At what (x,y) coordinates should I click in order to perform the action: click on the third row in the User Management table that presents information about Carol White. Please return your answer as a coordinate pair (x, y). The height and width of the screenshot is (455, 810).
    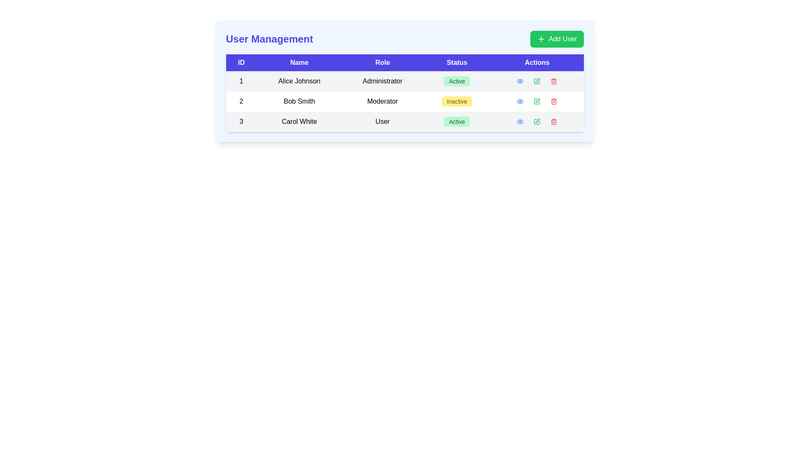
    Looking at the image, I should click on (404, 122).